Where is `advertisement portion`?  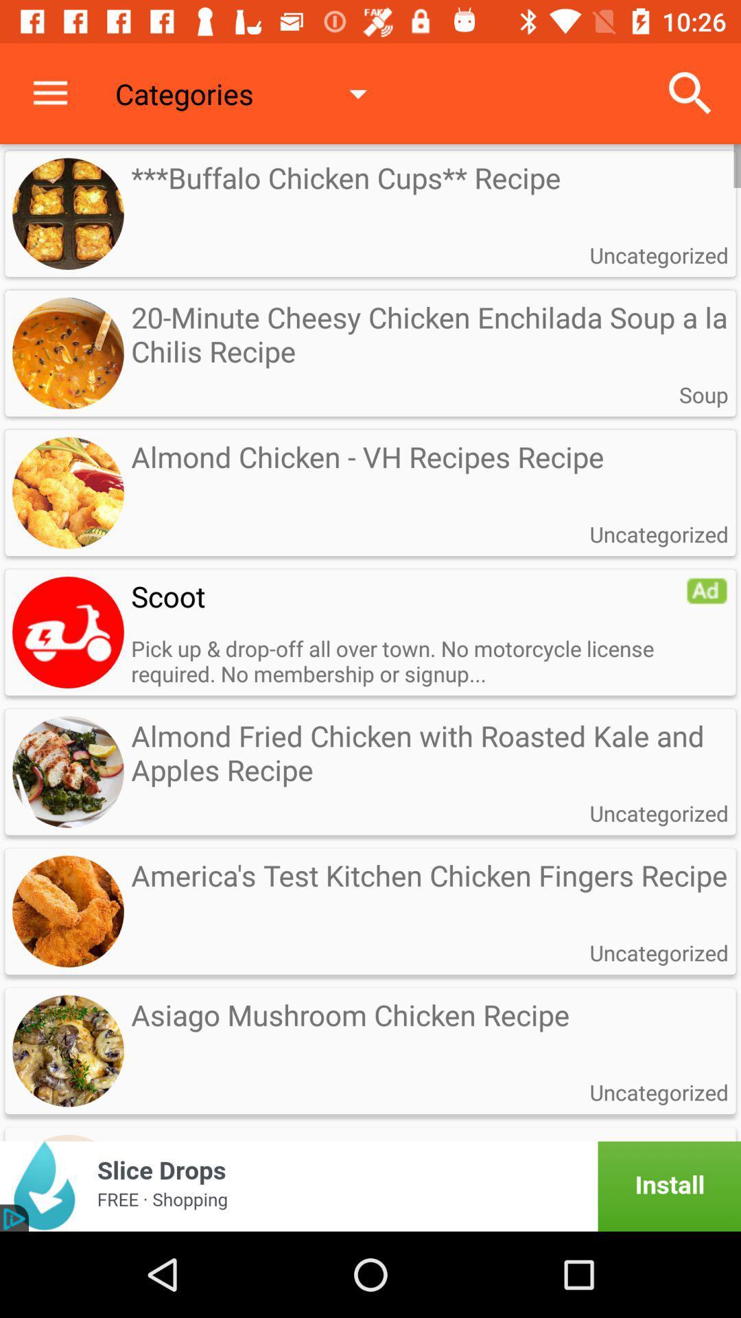 advertisement portion is located at coordinates (370, 1186).